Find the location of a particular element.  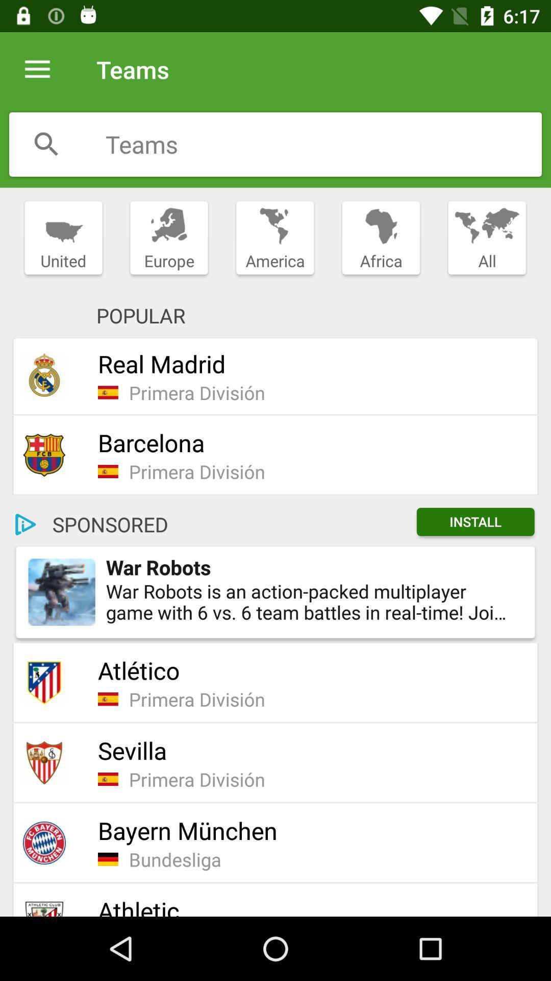

item next to africa icon is located at coordinates (486, 238).